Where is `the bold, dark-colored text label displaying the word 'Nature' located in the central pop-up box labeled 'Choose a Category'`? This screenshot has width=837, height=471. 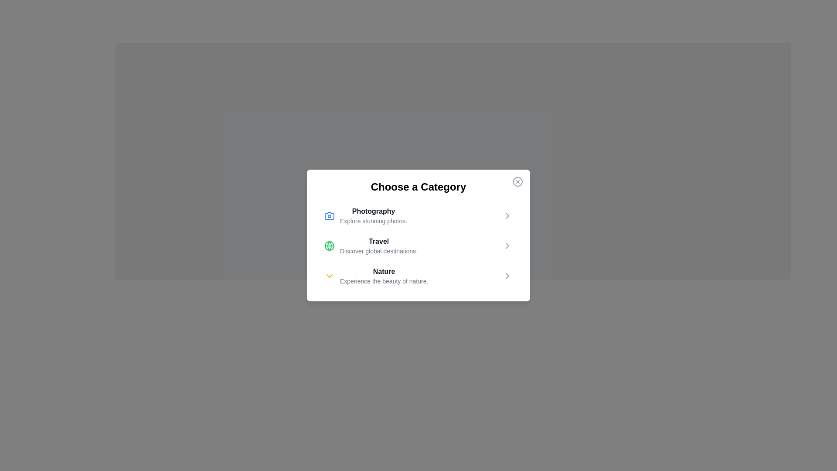
the bold, dark-colored text label displaying the word 'Nature' located in the central pop-up box labeled 'Choose a Category' is located at coordinates (384, 271).